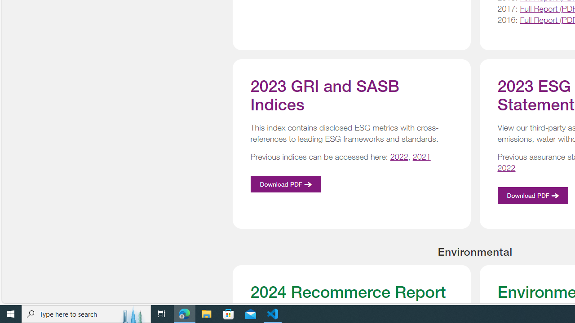  I want to click on '2021', so click(421, 156).